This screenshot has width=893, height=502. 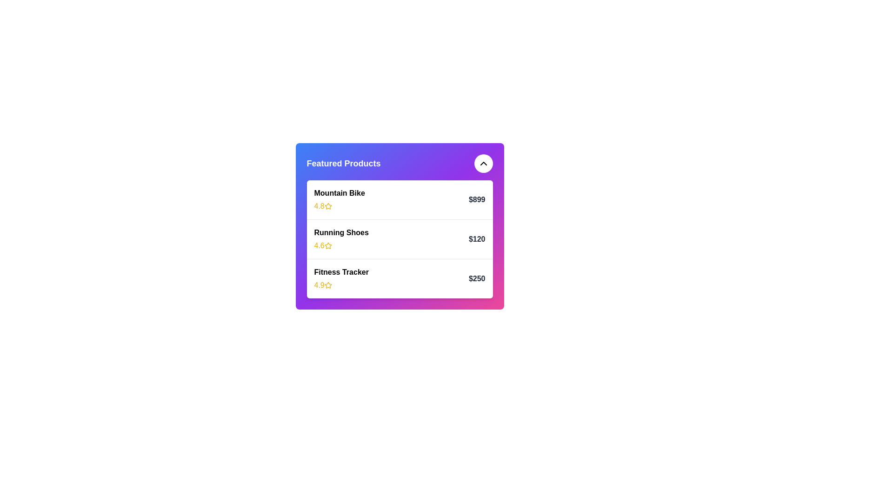 I want to click on the hollow star icon with a gold-yellow stroke that corresponds to the rating score of 4.6 for the 'Running Shoes' product, so click(x=328, y=245).